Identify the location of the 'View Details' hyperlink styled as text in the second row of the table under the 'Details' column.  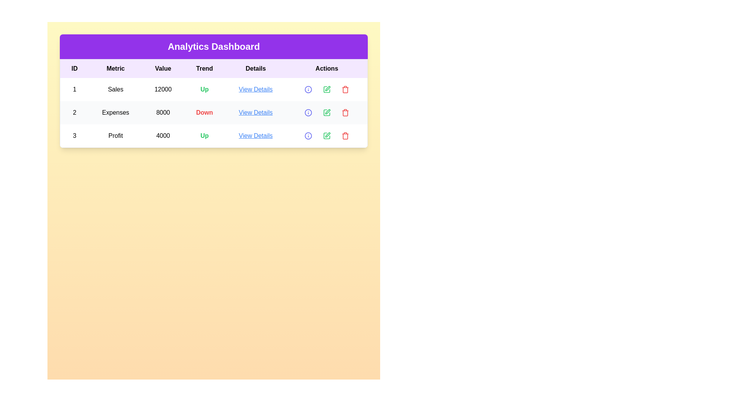
(255, 113).